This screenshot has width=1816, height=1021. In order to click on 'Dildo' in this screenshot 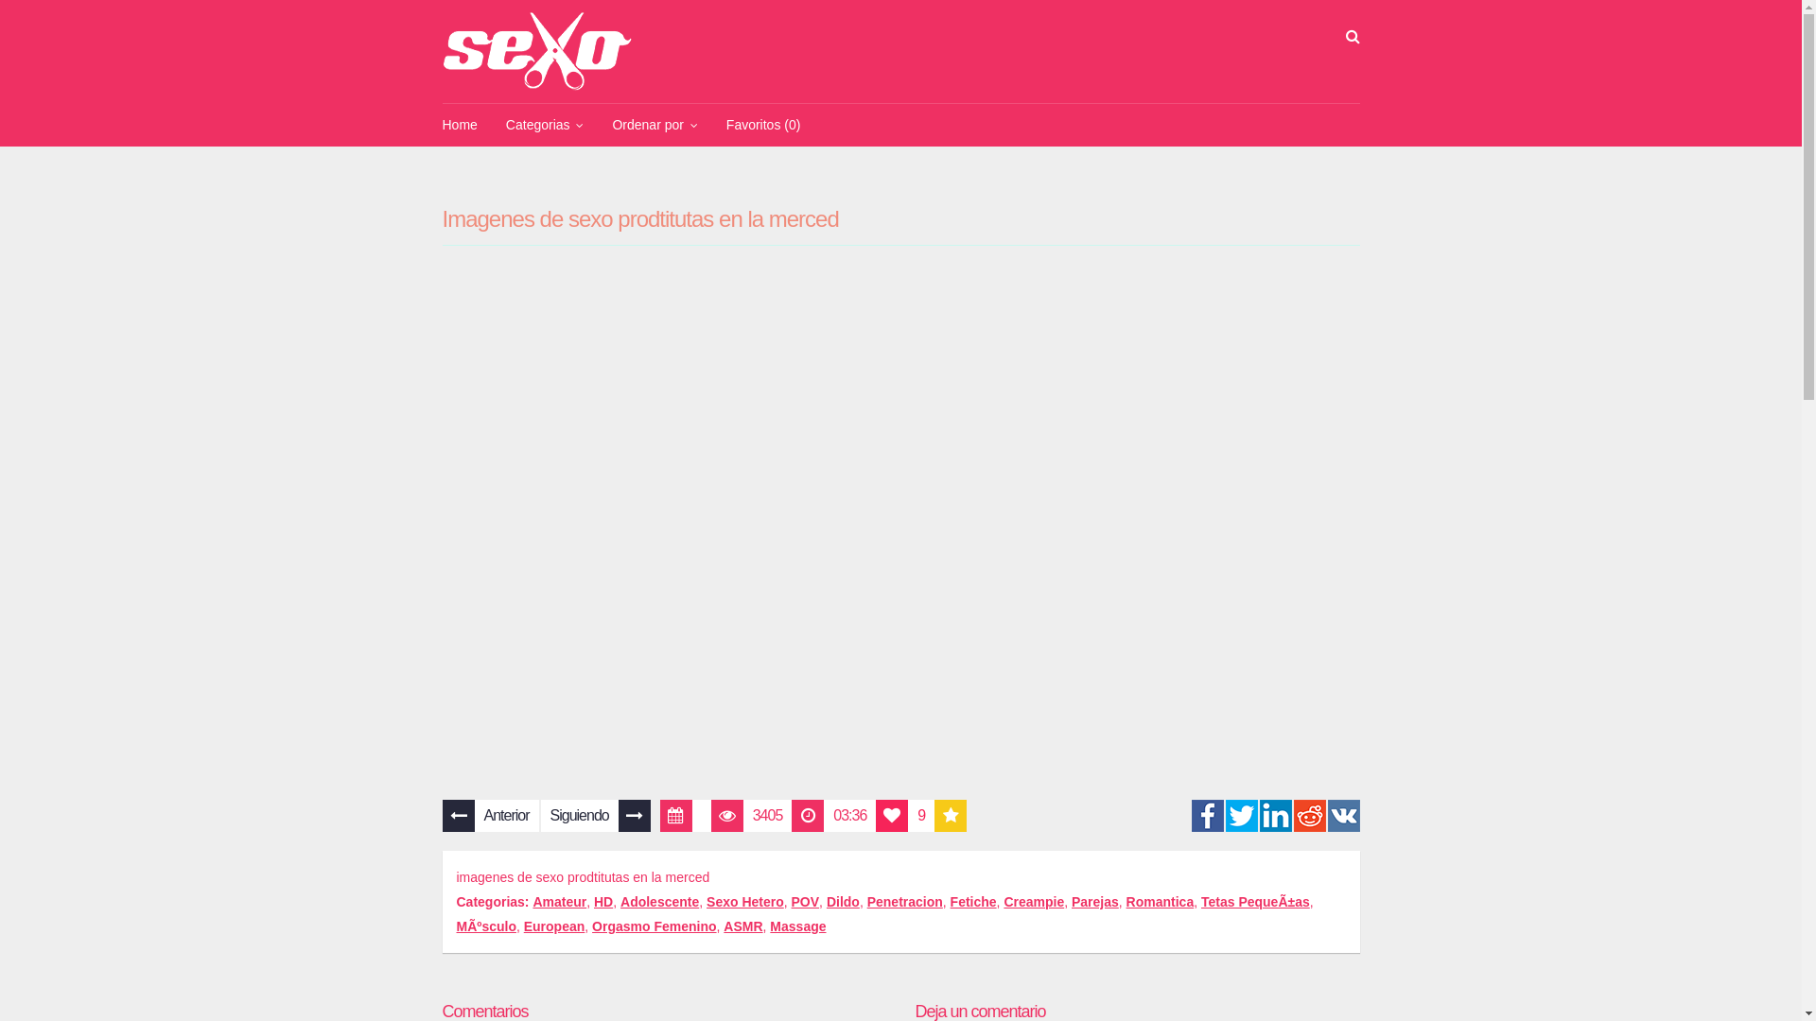, I will do `click(842, 900)`.